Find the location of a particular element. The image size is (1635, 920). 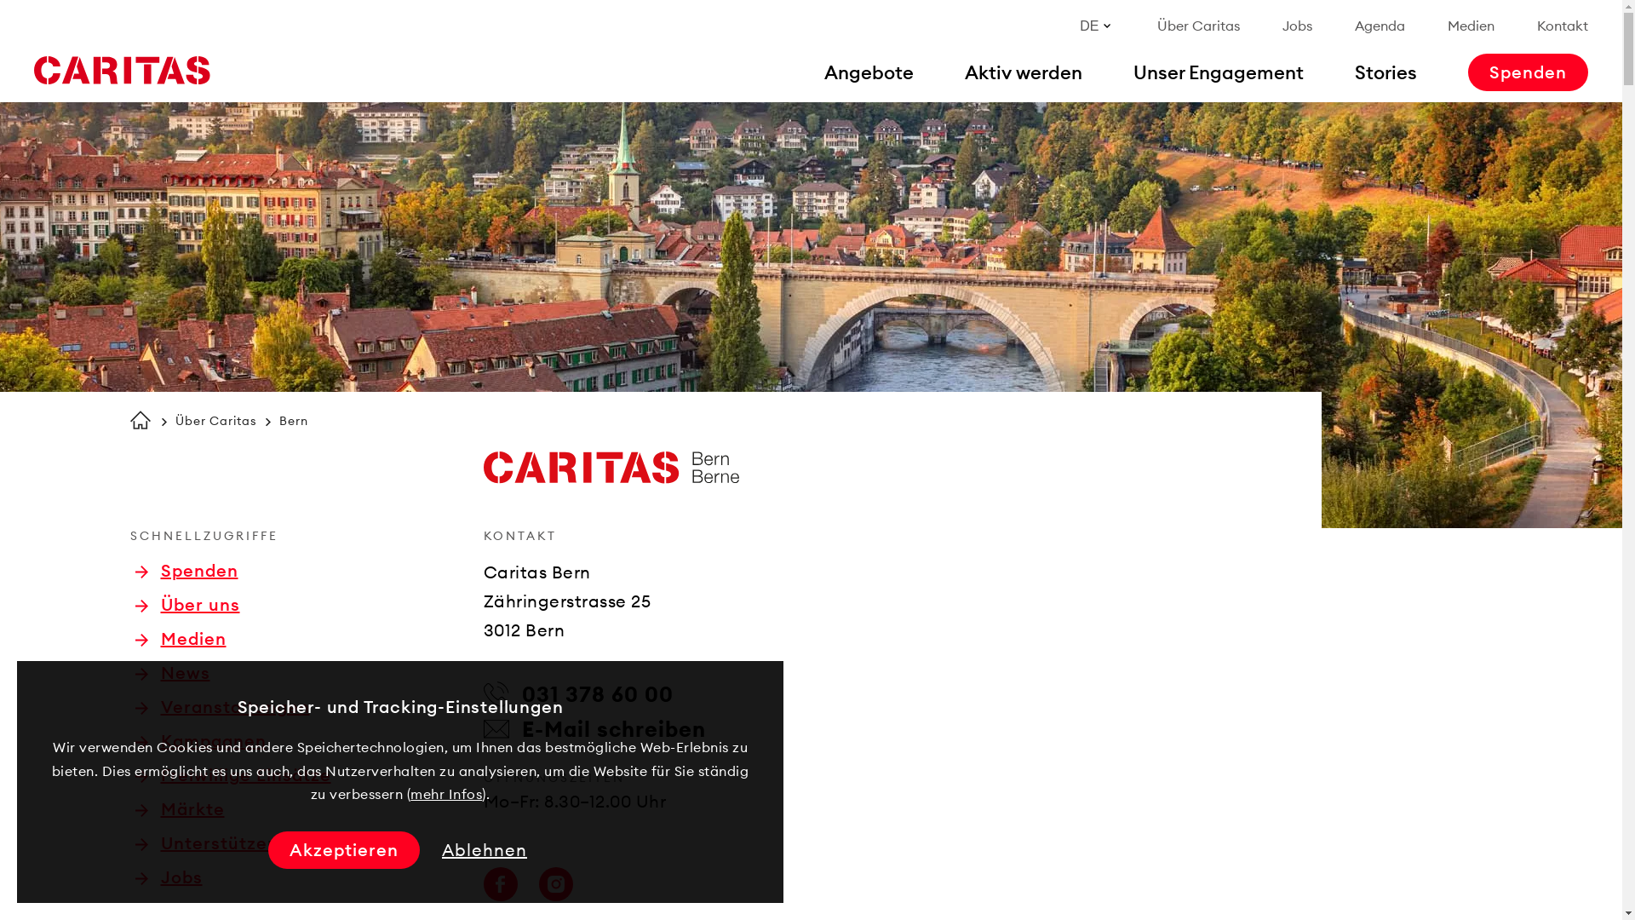

'Aktiv werden' is located at coordinates (1022, 71).